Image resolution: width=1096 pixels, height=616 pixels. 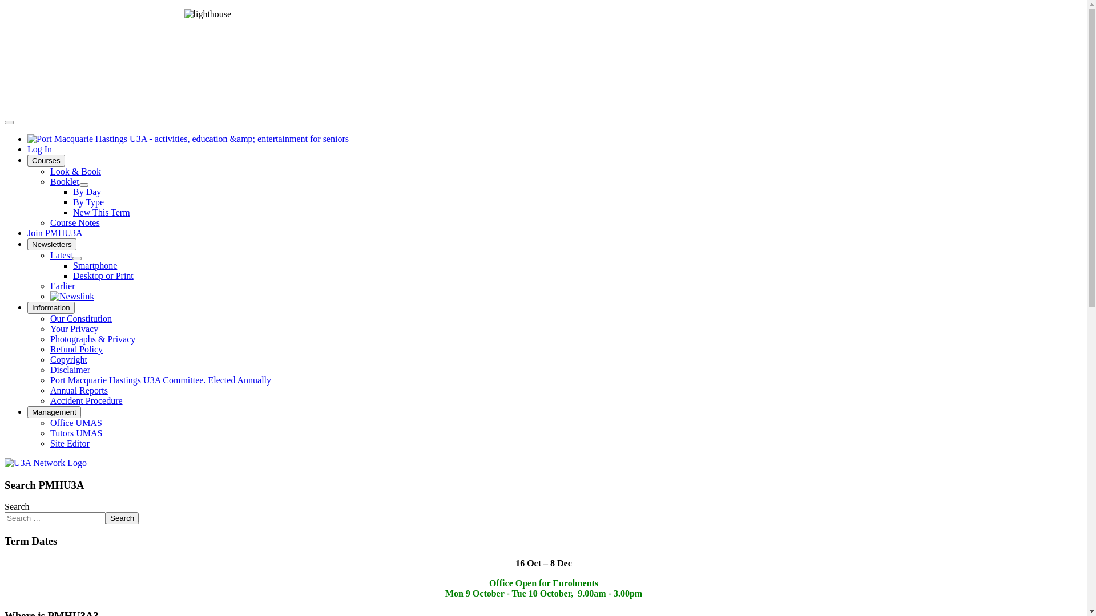 What do you see at coordinates (73, 329) in the screenshot?
I see `'Your Privacy'` at bounding box center [73, 329].